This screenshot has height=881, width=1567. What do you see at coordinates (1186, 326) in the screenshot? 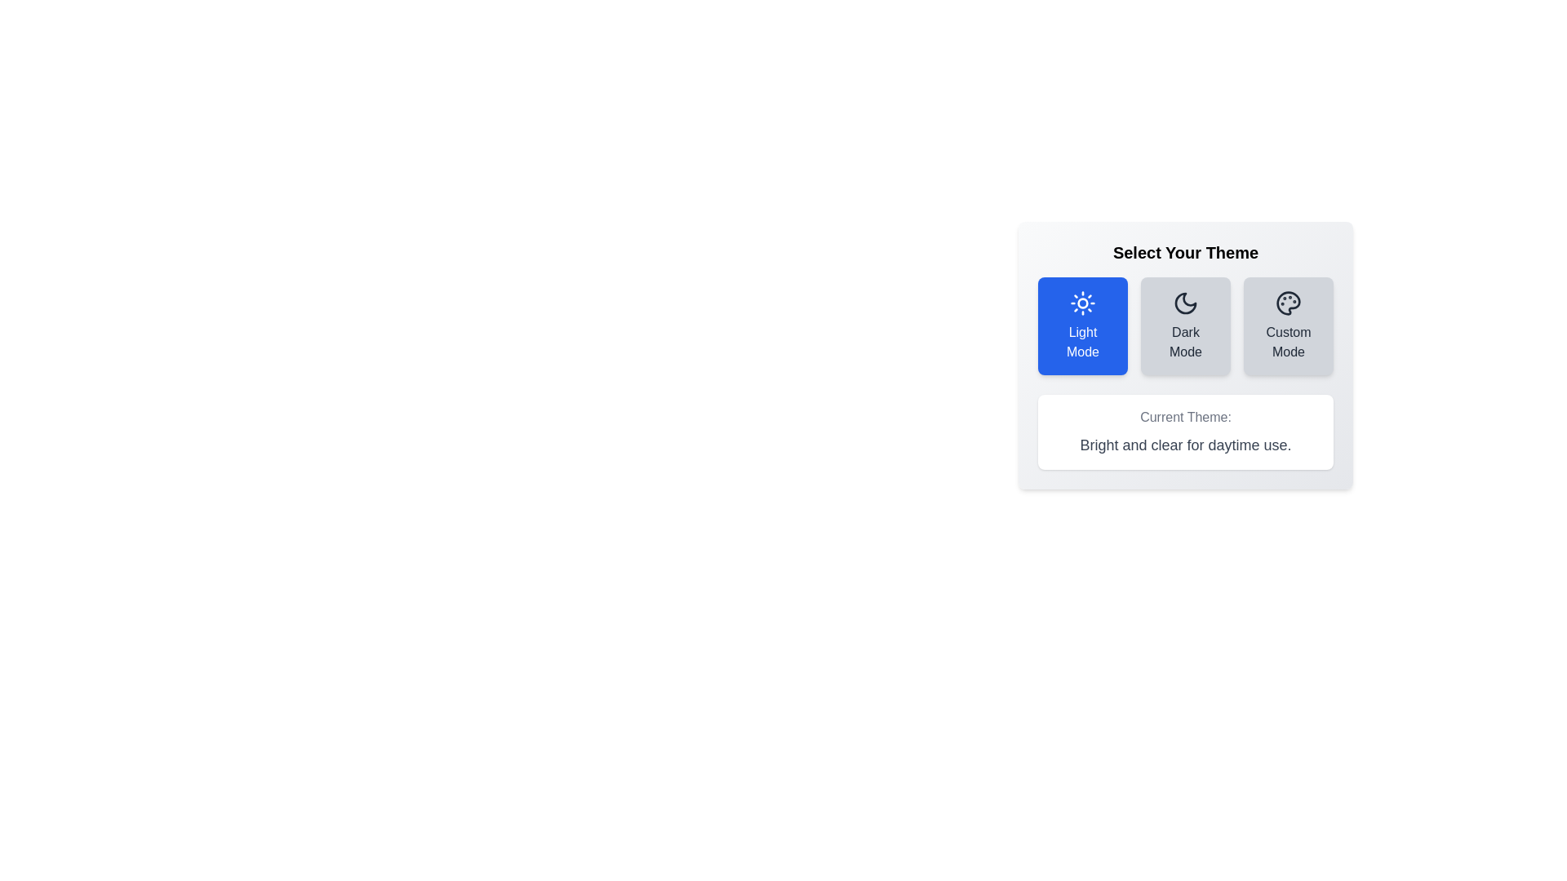
I see `the button corresponding to the desired theme: Dark Mode` at bounding box center [1186, 326].